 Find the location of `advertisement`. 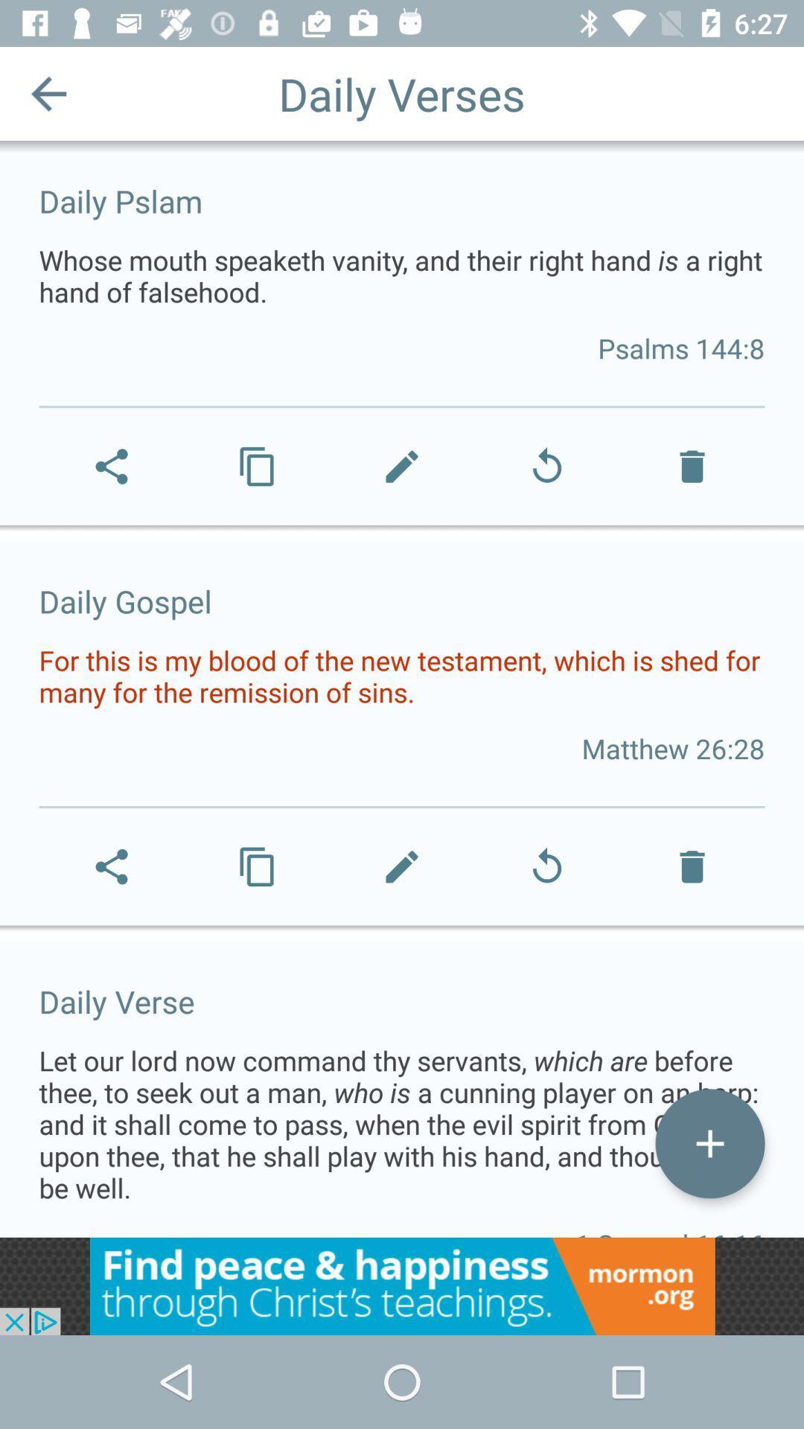

advertisement is located at coordinates (402, 1285).